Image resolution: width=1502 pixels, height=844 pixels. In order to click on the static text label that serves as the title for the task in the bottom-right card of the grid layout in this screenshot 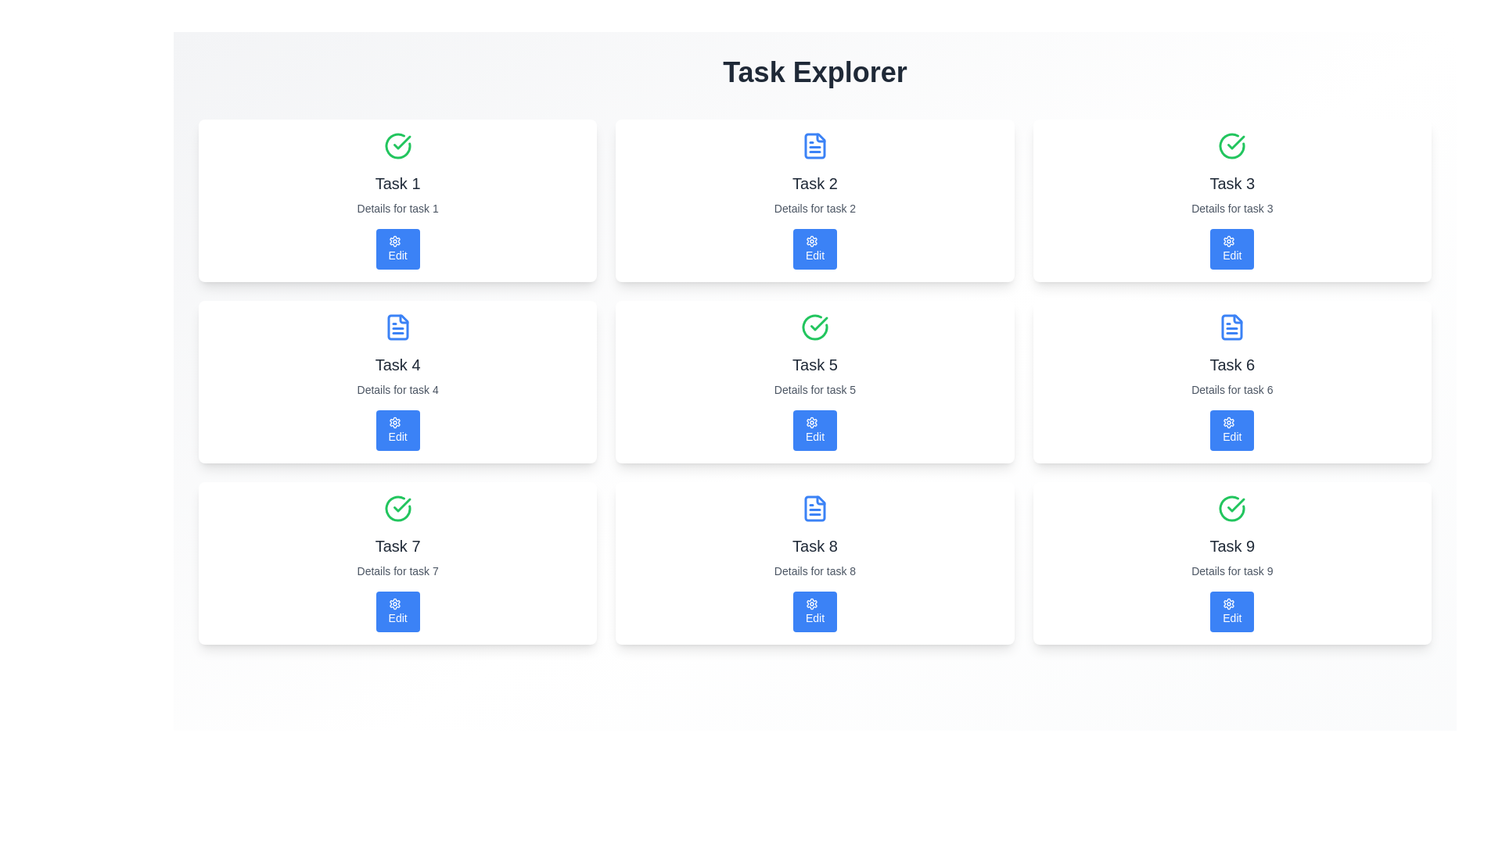, I will do `click(1231, 545)`.